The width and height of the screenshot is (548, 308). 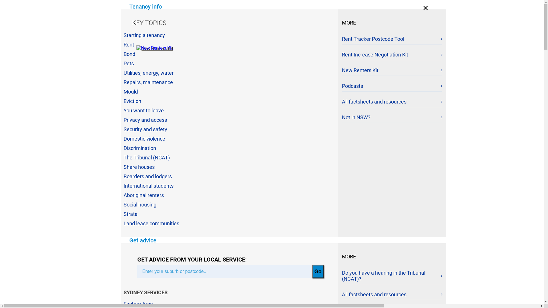 I want to click on 'Rent Tracker Postcode Tool', so click(x=391, y=40).